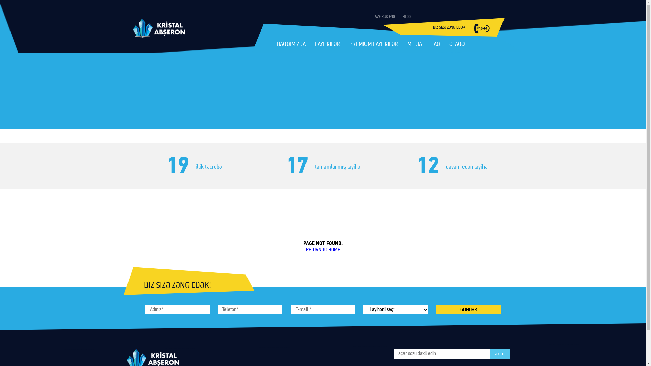 The image size is (651, 366). Describe the element at coordinates (436, 45) in the screenshot. I see `'FAQ'` at that location.